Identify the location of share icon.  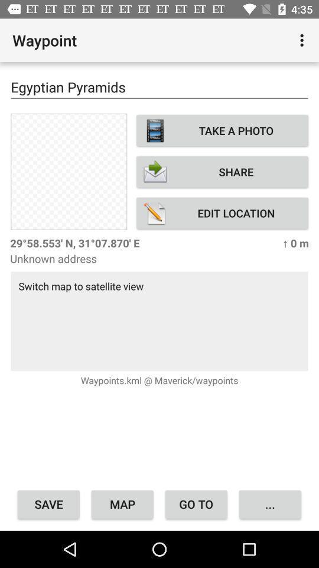
(222, 171).